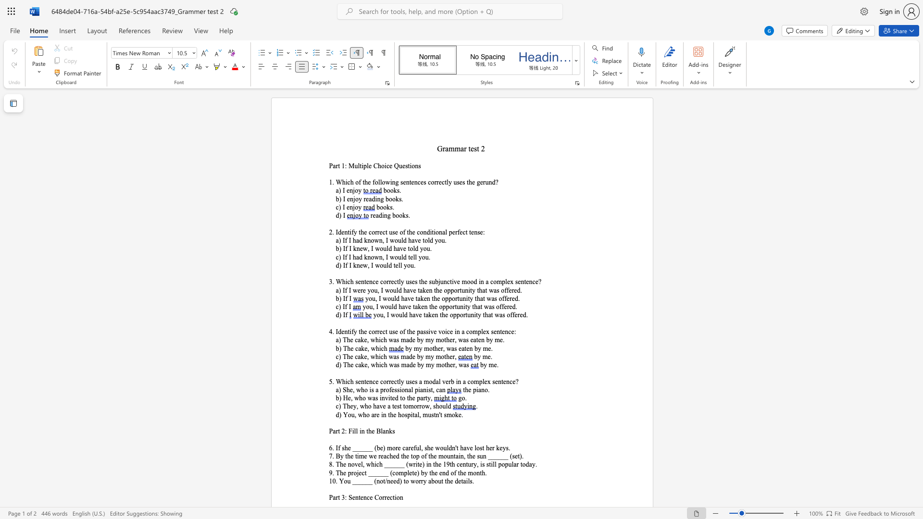 The image size is (923, 519). What do you see at coordinates (402, 331) in the screenshot?
I see `the space between the continuous character "o" and "f" in the text` at bounding box center [402, 331].